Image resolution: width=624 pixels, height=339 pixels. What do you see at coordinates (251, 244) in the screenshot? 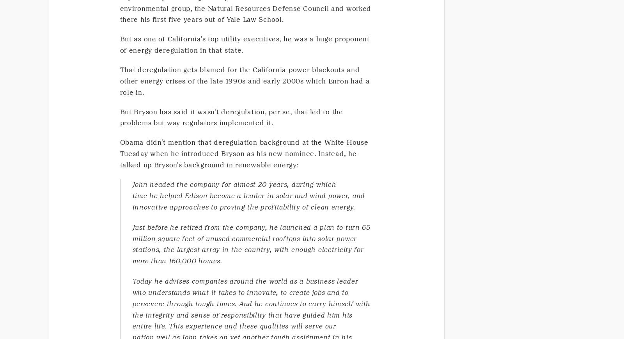
I see `'Just before he retired from the company, he launched a plan to turn 65 million square feet of unused commercial rooftops into solar power stations, the largest array in the country, with enough electricity for more than 160,000 homes.'` at bounding box center [251, 244].